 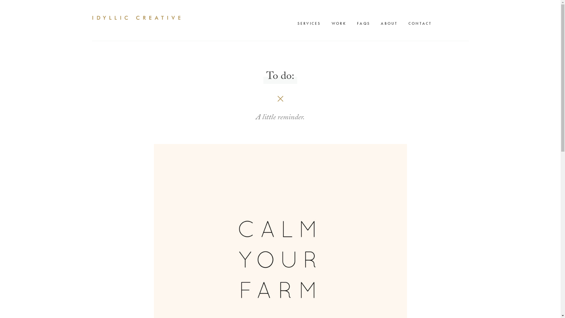 What do you see at coordinates (378, 23) in the screenshot?
I see `'ABOUT'` at bounding box center [378, 23].